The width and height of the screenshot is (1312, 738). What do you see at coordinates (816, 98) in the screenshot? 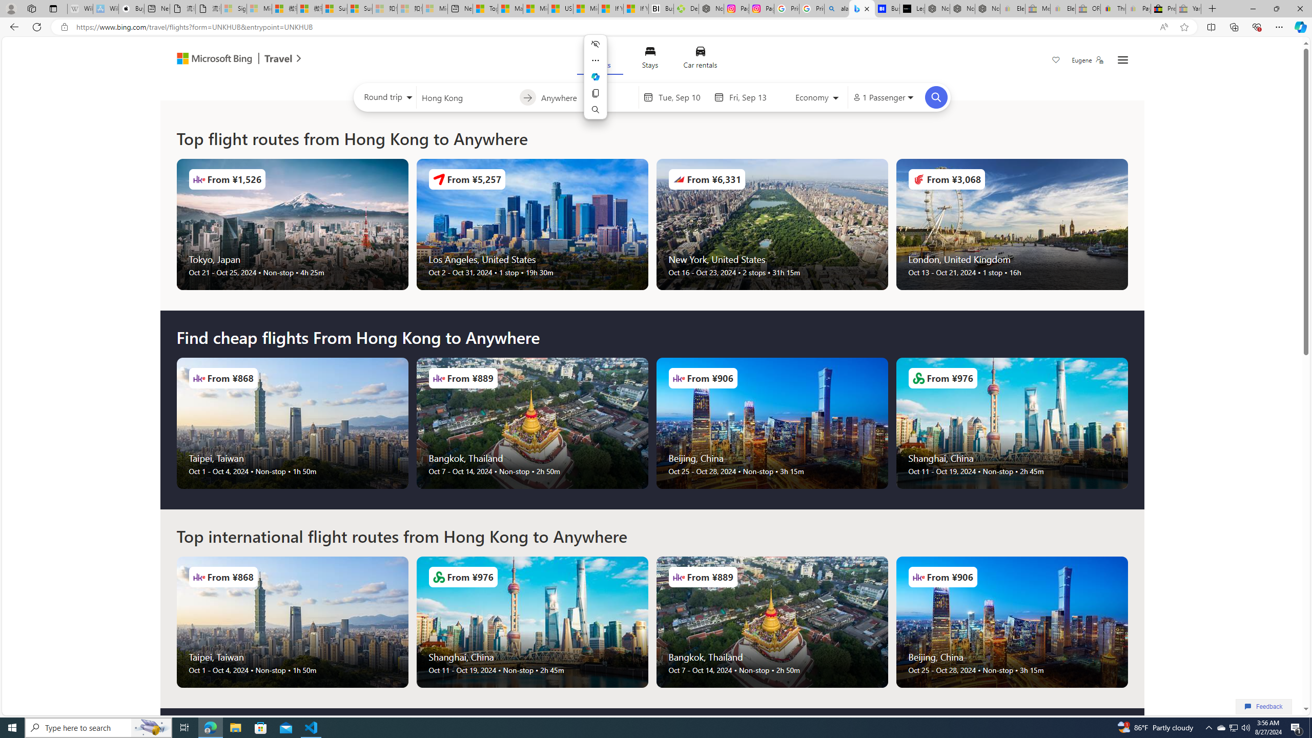
I see `'Select class of service'` at bounding box center [816, 98].